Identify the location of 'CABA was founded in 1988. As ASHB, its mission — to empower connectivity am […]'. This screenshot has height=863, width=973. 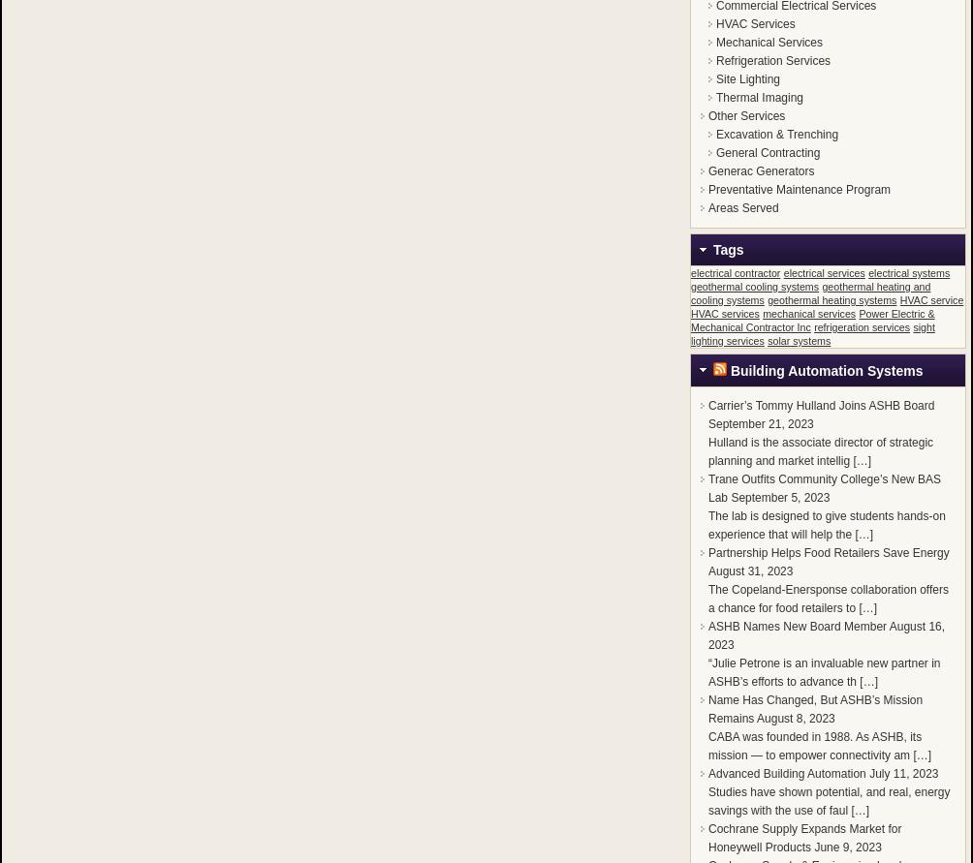
(819, 746).